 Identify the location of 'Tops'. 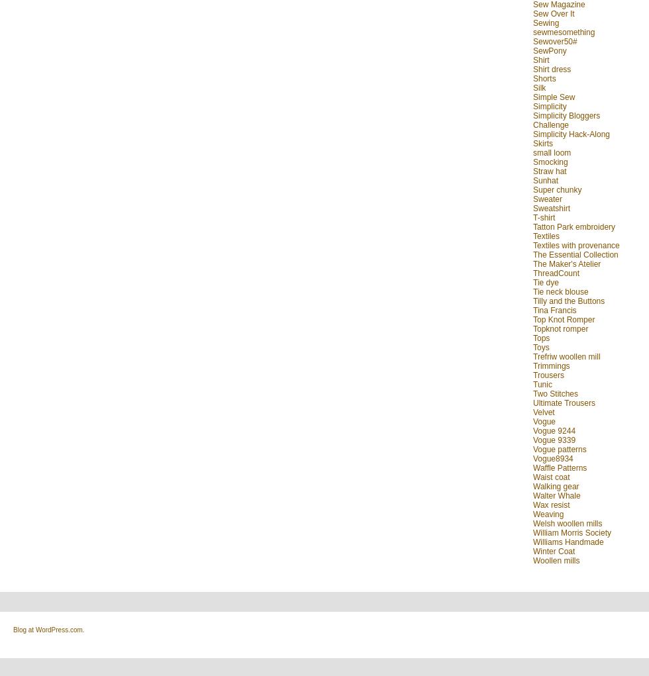
(541, 336).